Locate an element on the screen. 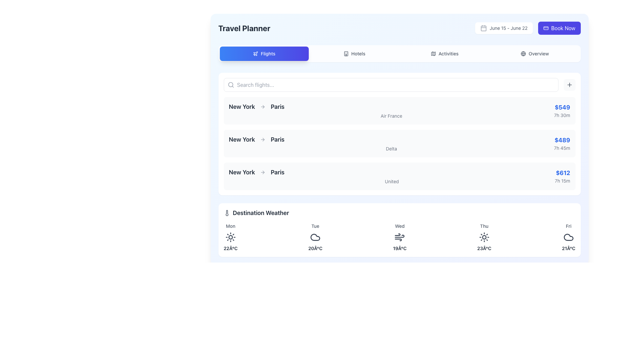  the text label displaying 'Mon' in the 'Destination Weather' section, which is styled in a small font and gray color, located above the sunny weather icon is located at coordinates (230, 226).